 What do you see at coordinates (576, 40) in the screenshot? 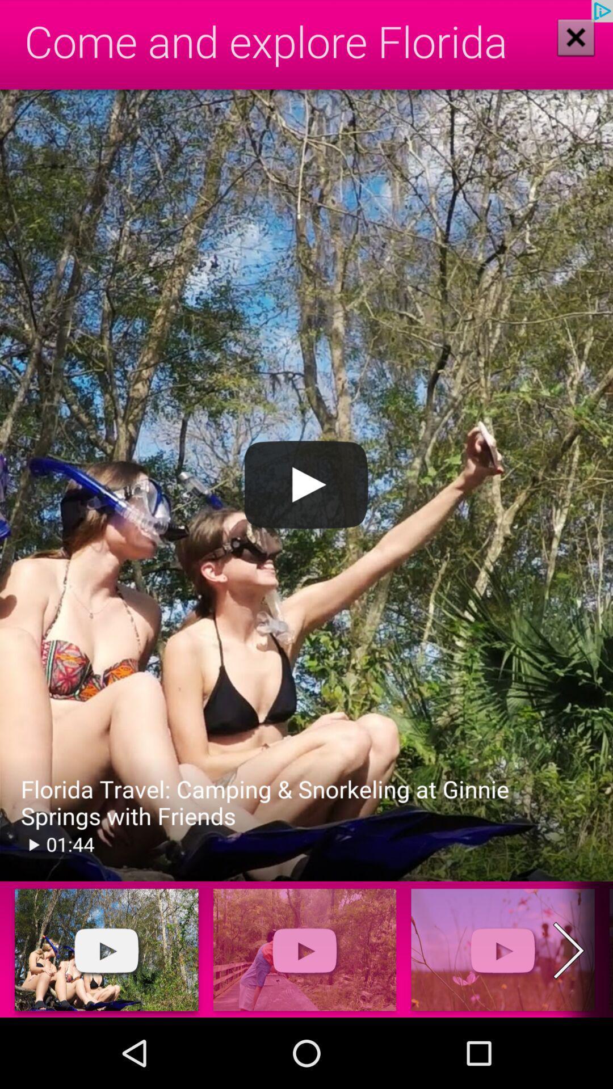
I see `the close icon` at bounding box center [576, 40].